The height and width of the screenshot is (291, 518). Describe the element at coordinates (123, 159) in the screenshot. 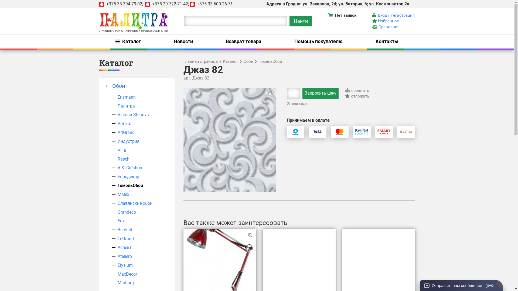

I see `'Rasch'` at that location.